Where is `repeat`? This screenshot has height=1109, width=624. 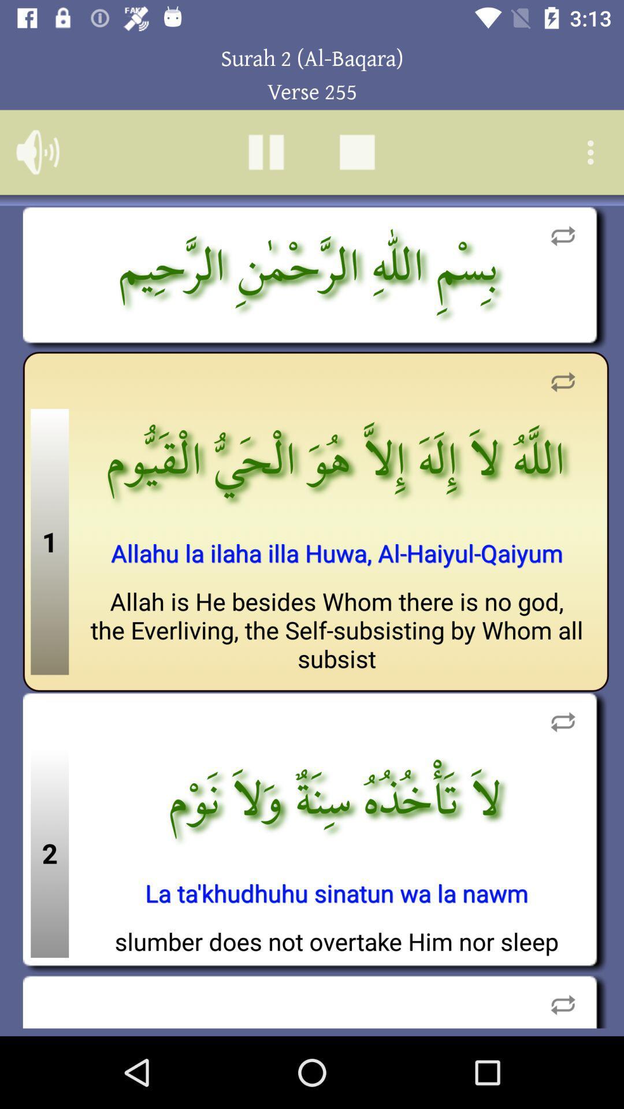
repeat is located at coordinates (562, 235).